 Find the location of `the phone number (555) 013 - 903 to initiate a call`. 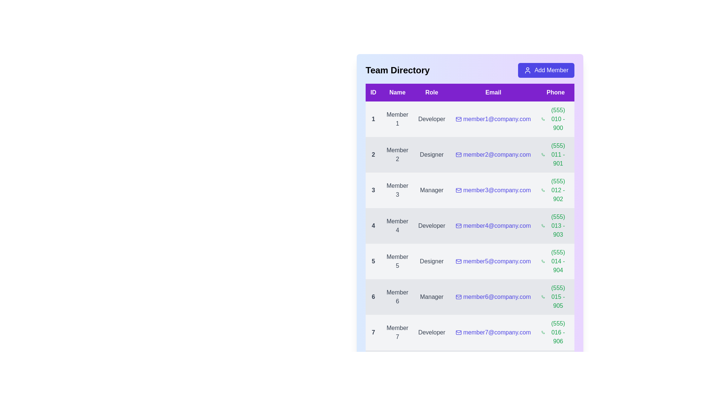

the phone number (555) 013 - 903 to initiate a call is located at coordinates (556, 225).